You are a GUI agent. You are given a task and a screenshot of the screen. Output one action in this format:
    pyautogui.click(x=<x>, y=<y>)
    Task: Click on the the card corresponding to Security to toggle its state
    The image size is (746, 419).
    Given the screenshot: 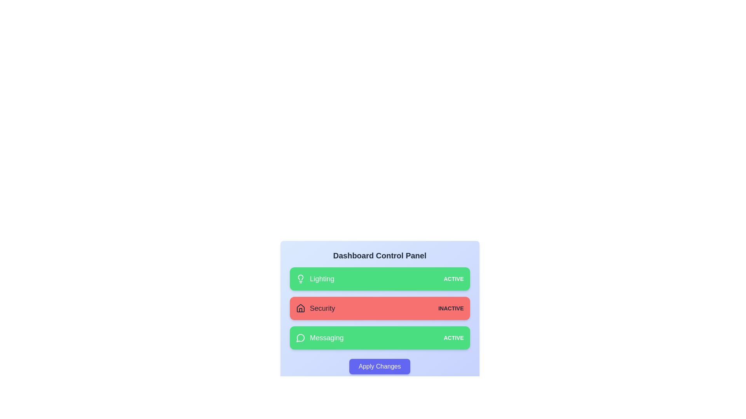 What is the action you would take?
    pyautogui.click(x=380, y=308)
    